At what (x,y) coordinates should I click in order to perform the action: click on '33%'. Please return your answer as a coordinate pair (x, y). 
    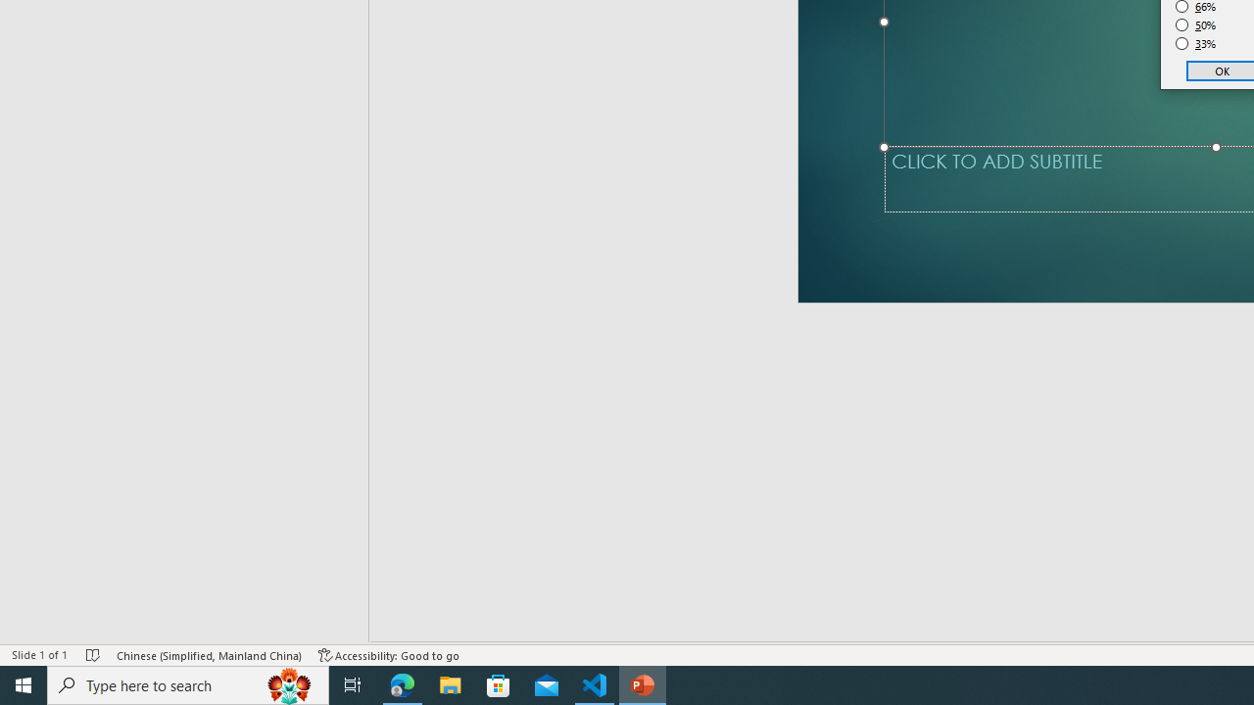
    Looking at the image, I should click on (1195, 44).